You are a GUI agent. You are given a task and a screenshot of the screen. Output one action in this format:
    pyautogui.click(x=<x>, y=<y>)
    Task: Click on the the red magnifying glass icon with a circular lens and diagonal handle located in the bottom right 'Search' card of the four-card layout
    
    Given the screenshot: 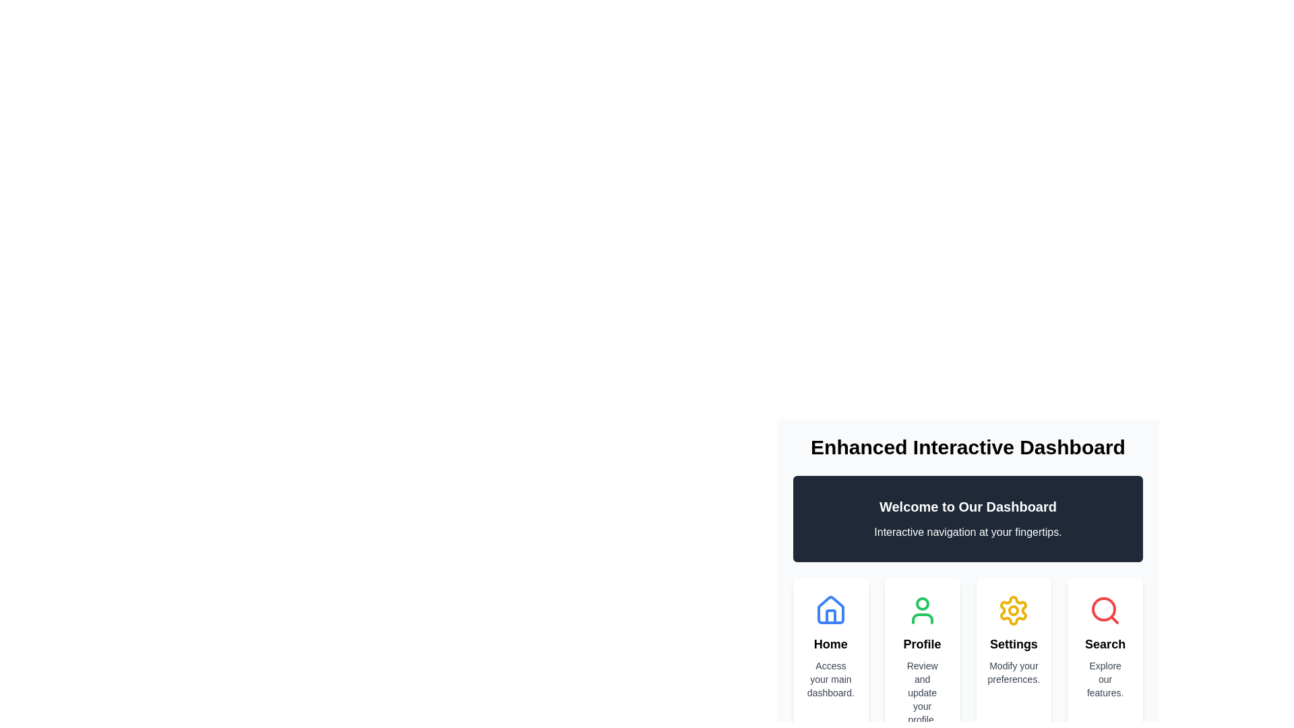 What is the action you would take?
    pyautogui.click(x=1105, y=611)
    